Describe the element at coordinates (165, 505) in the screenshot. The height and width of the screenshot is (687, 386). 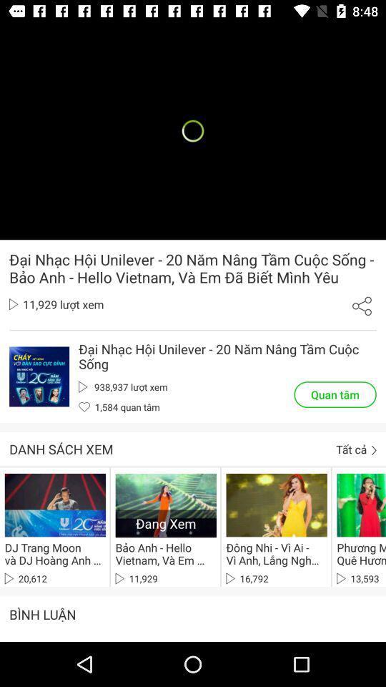
I see `the second left image under danh sach xem` at that location.